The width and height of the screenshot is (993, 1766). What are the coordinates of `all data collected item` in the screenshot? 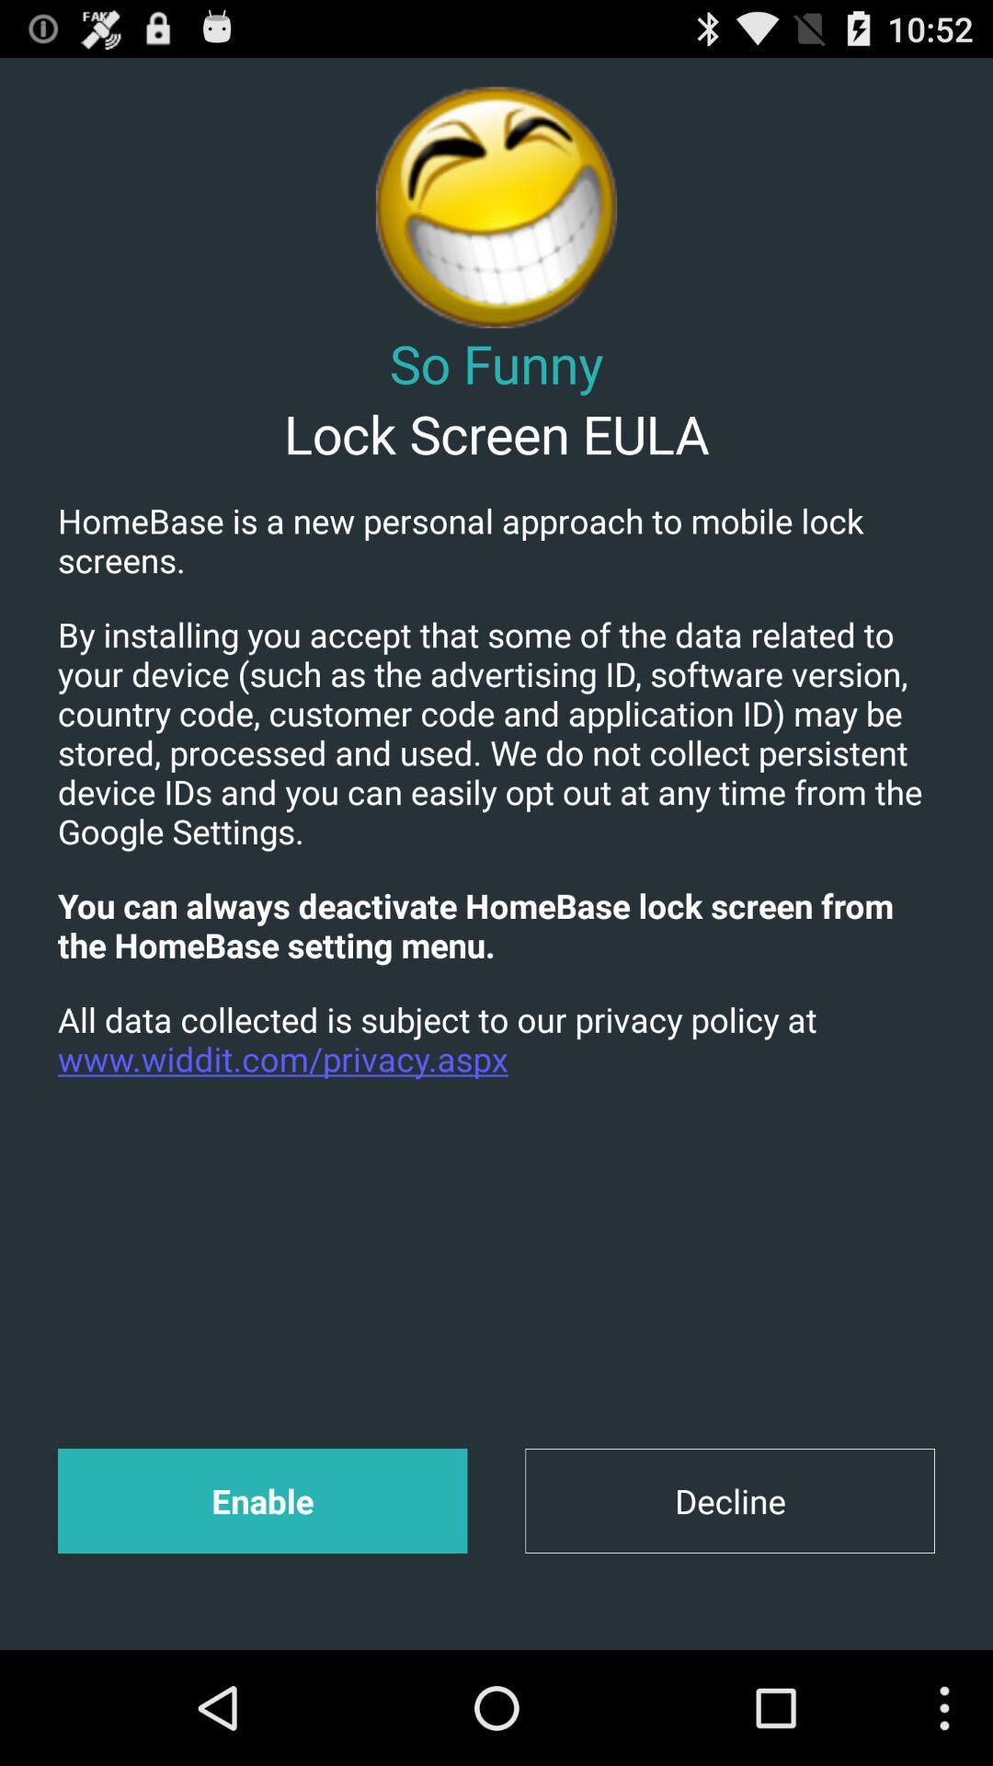 It's located at (496, 1038).